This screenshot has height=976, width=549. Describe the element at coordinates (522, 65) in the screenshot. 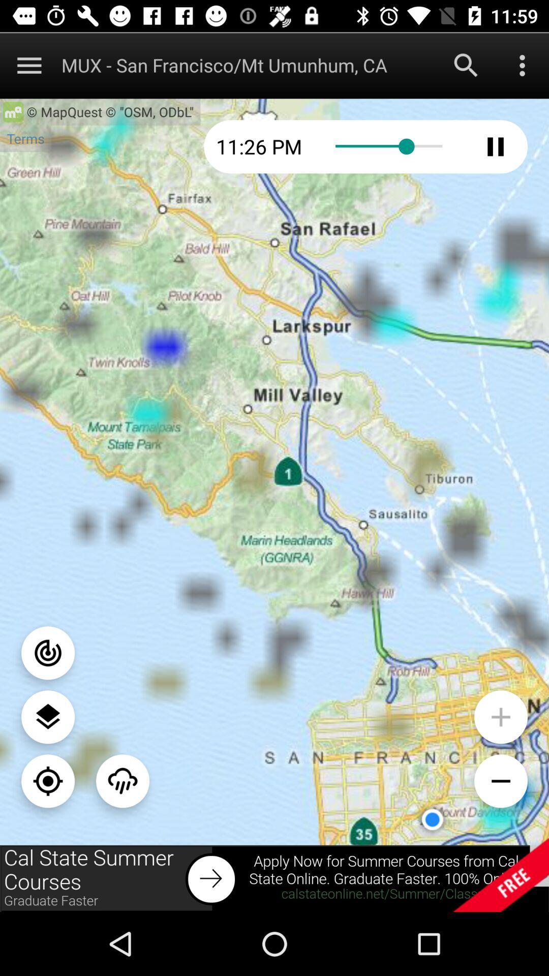

I see `oveview option` at that location.